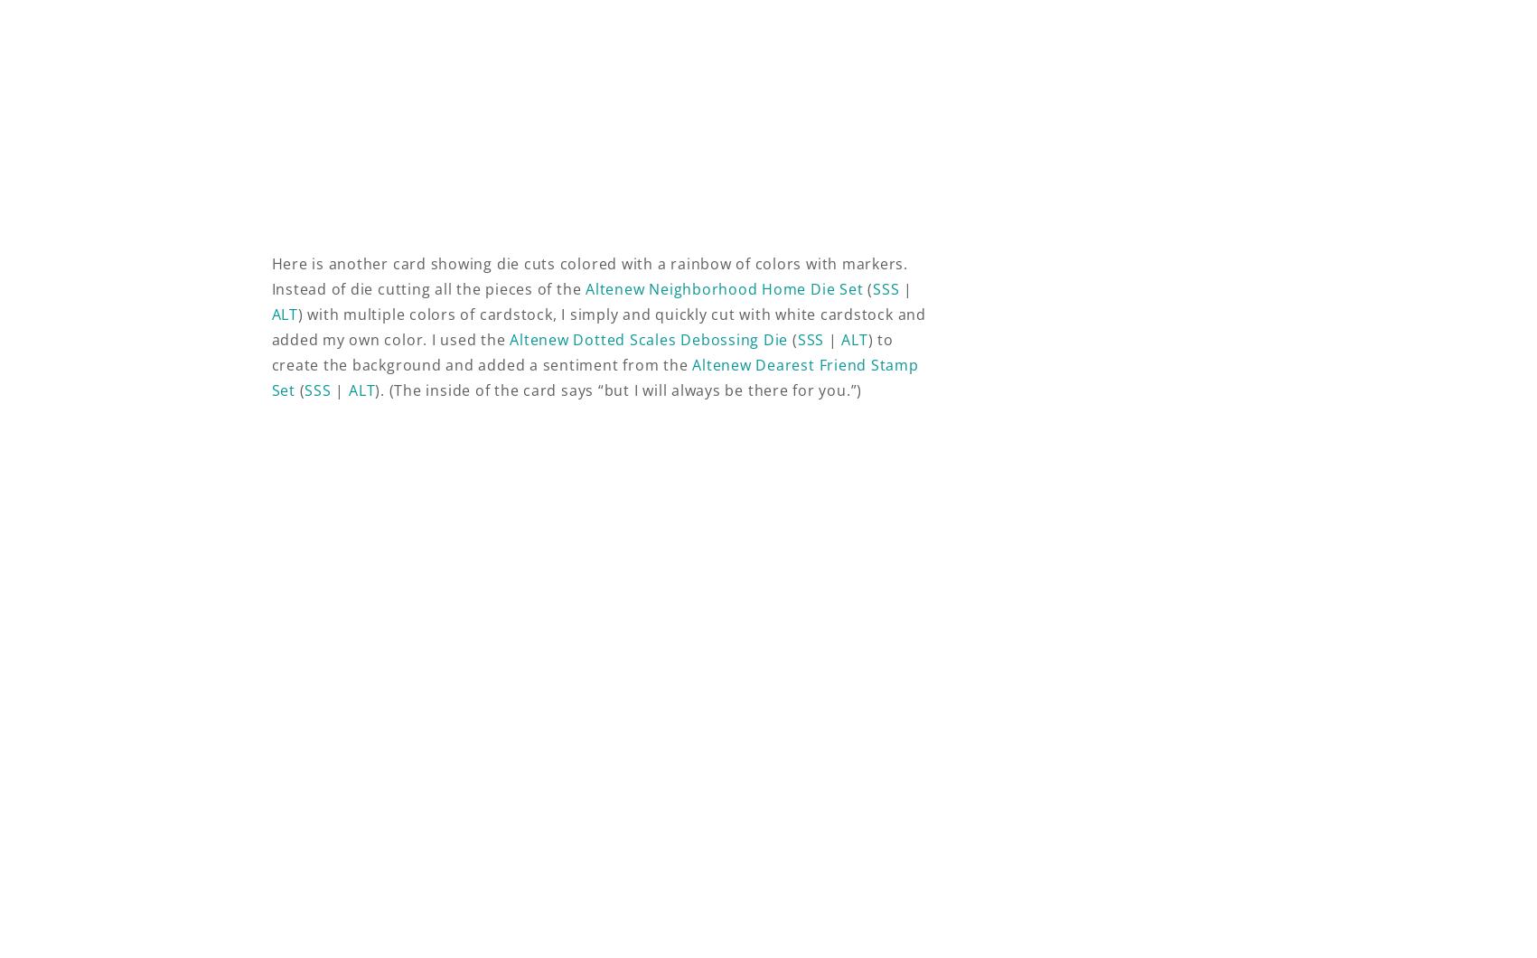  Describe the element at coordinates (617, 389) in the screenshot. I see `'). (The inside of the card says “but I will always be there for you.”)'` at that location.